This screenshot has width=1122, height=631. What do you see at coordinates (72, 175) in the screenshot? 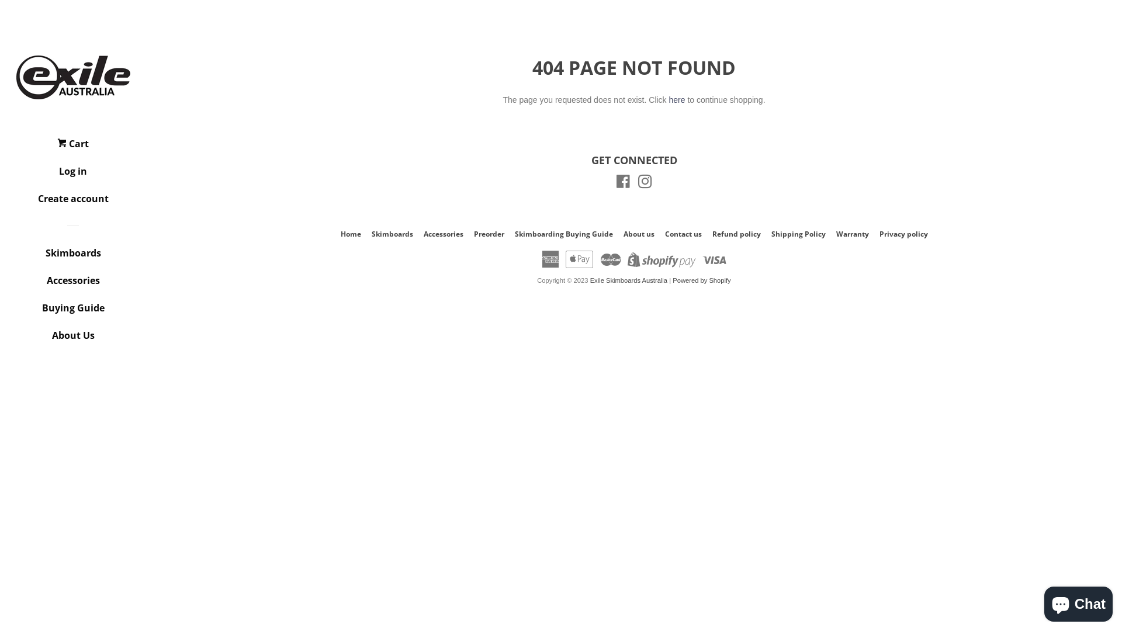
I see `'Log in'` at bounding box center [72, 175].